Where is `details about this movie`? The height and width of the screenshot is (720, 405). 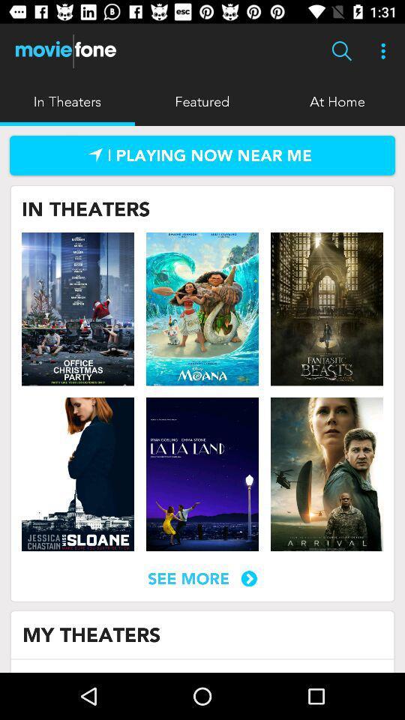 details about this movie is located at coordinates (78, 473).